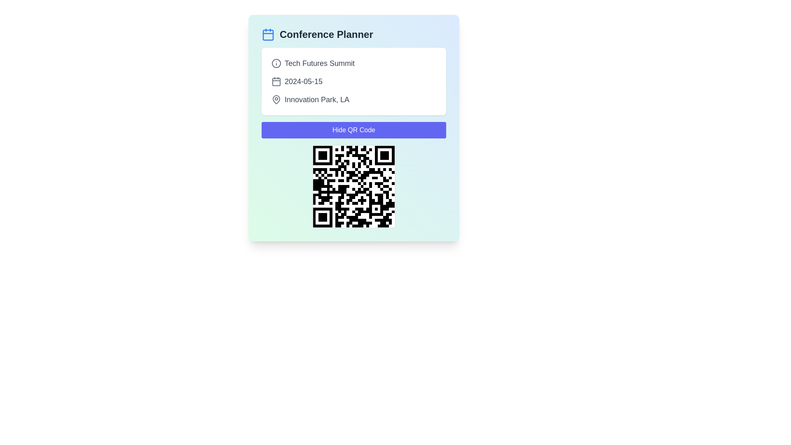  Describe the element at coordinates (303, 81) in the screenshot. I see `the Text label displaying the scheduled date of the event in the Conference Planner card, located in the top-right portion of the interface` at that location.